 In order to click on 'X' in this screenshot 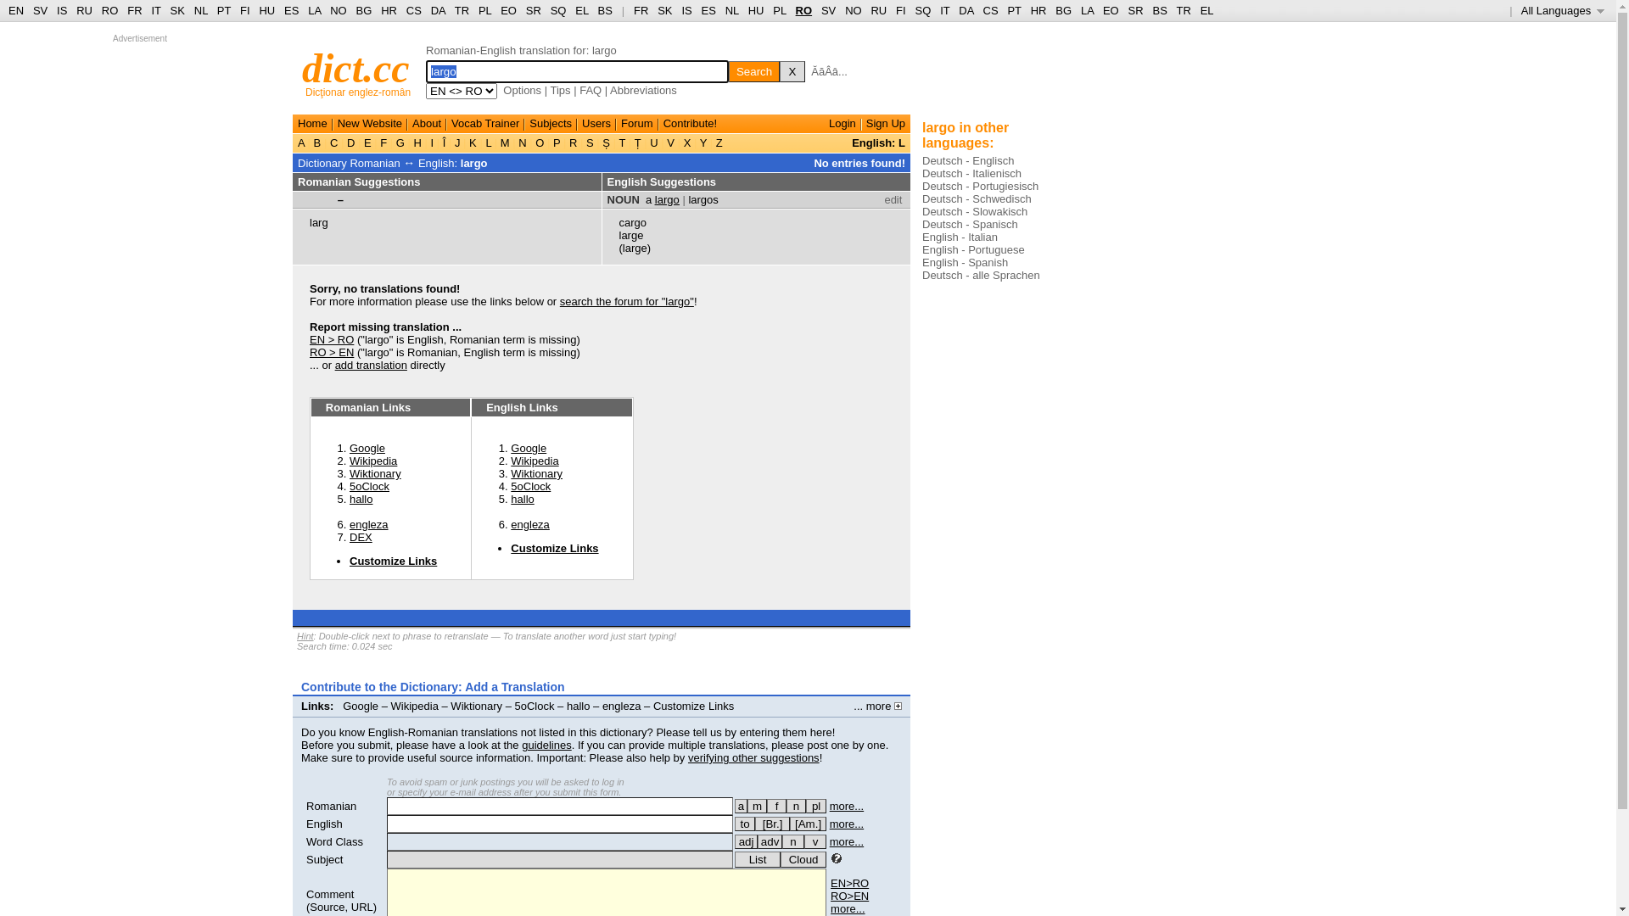, I will do `click(792, 70)`.